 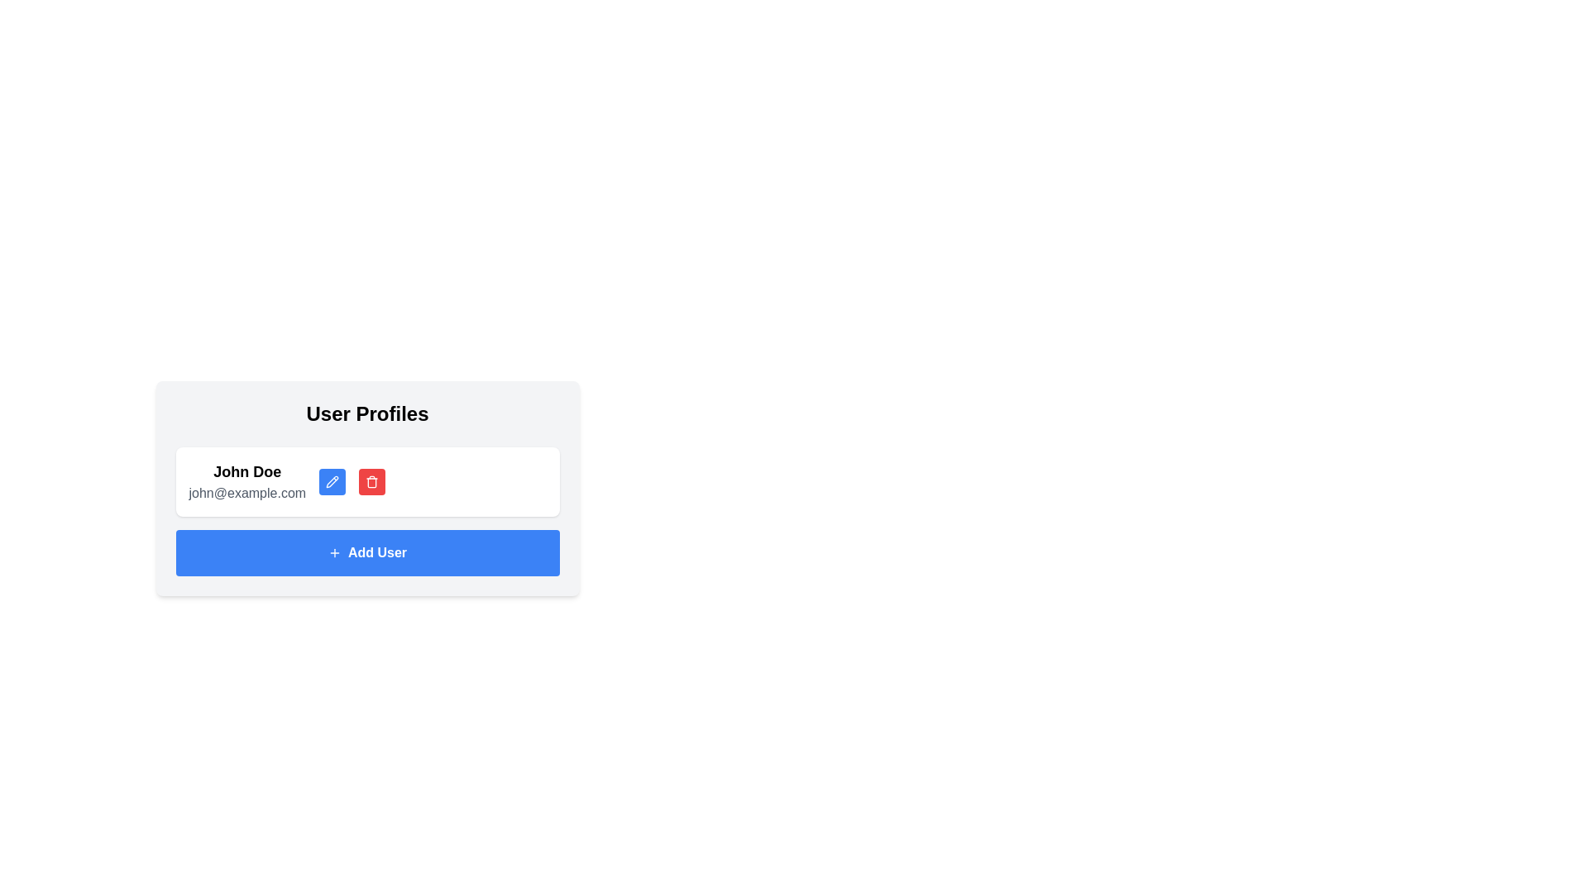 I want to click on the trash can icon, which is a bold red icon associated with delete actions, located to the right of the 'Edit' button in the same row as the user information ('John Doe' and email), so click(x=371, y=481).